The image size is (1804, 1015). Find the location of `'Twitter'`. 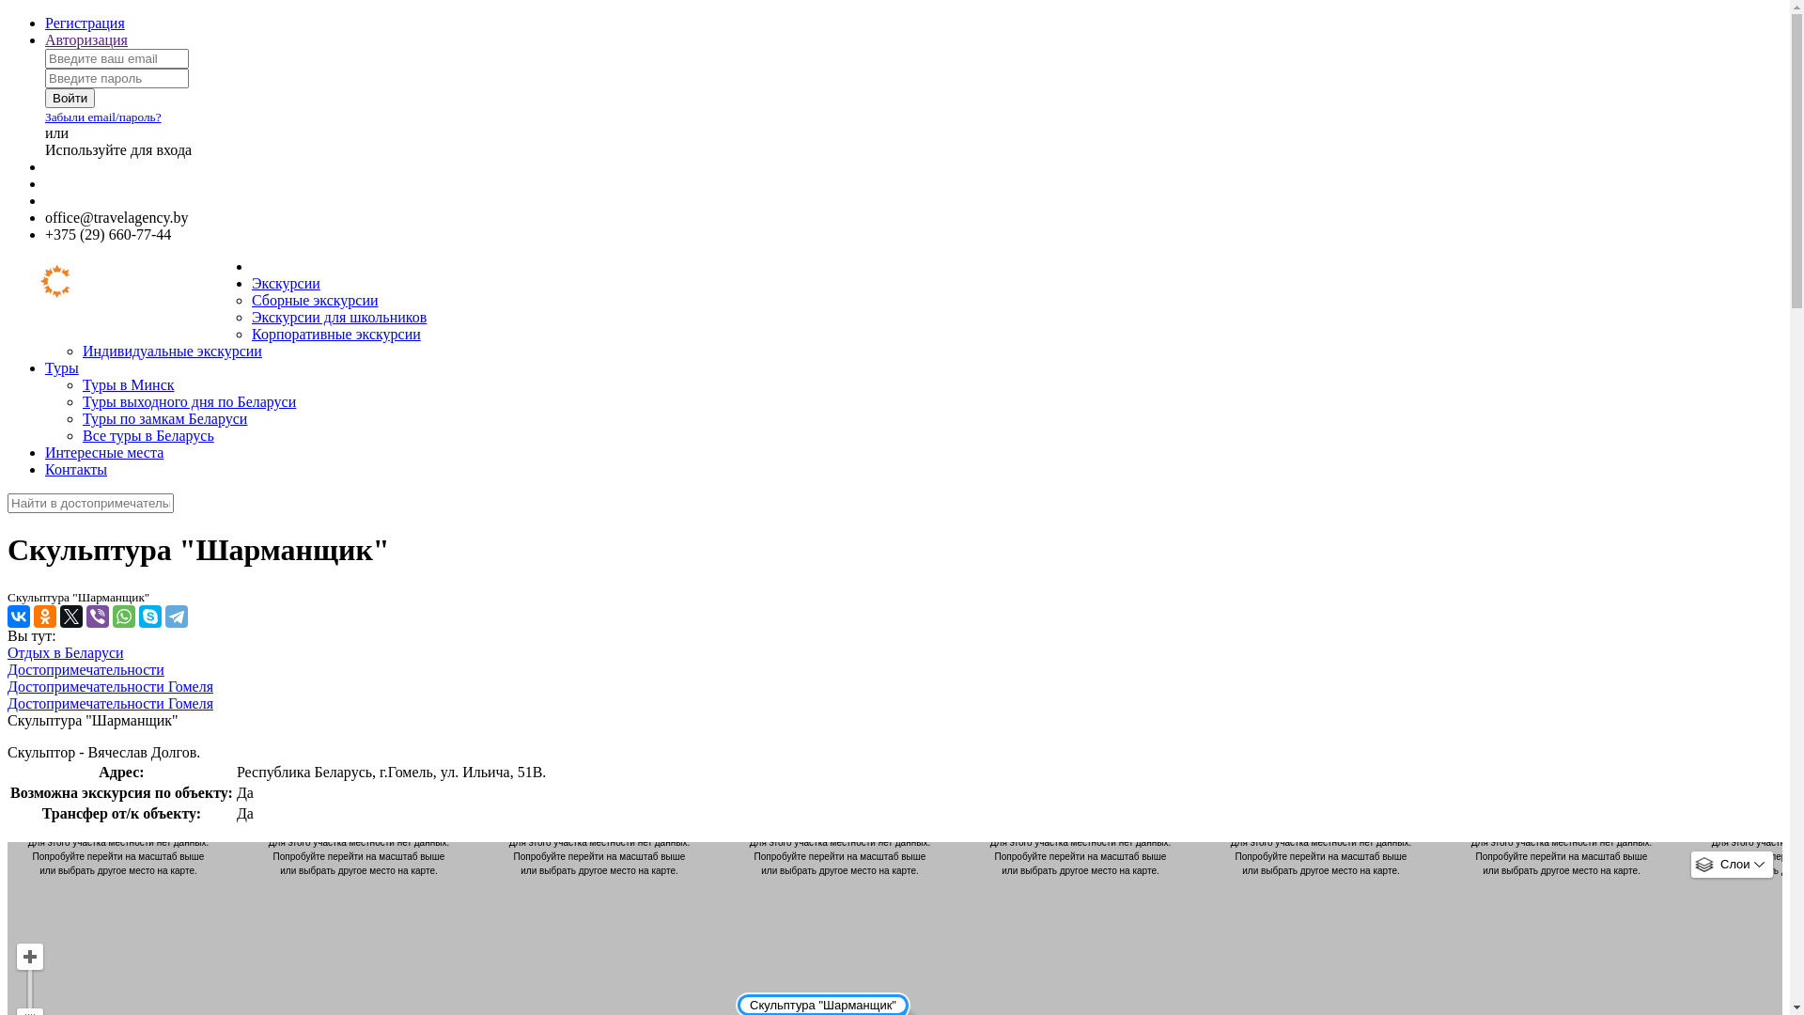

'Twitter' is located at coordinates (59, 616).